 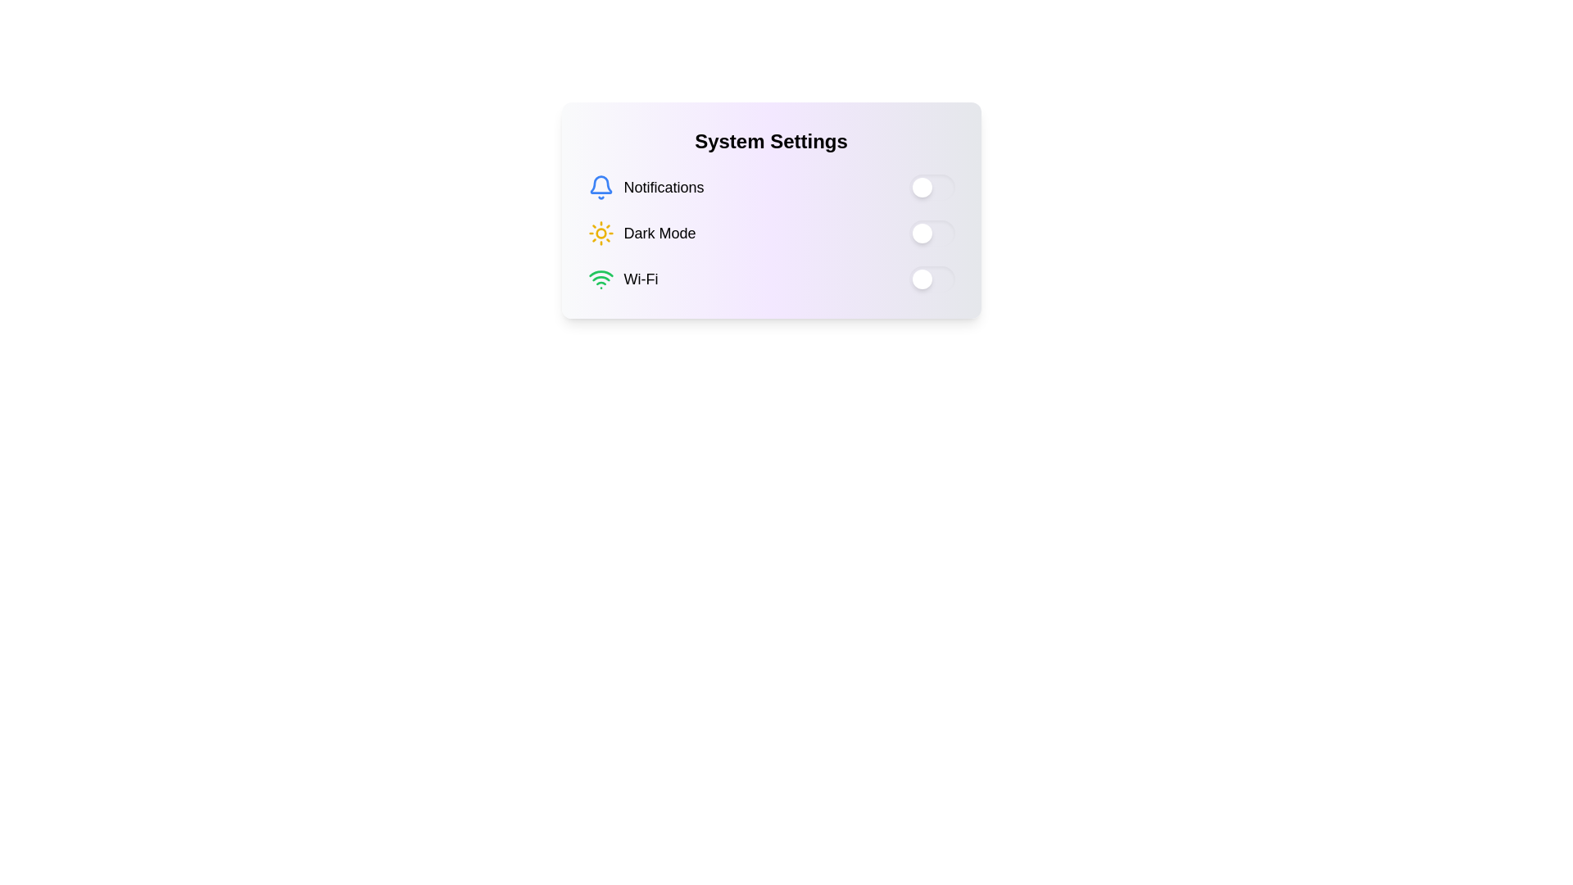 What do you see at coordinates (664, 186) in the screenshot?
I see `styling or text content of the 'Notifications' text label, which is bold and large, located in the settings interface, aligned to the right of a bell icon` at bounding box center [664, 186].